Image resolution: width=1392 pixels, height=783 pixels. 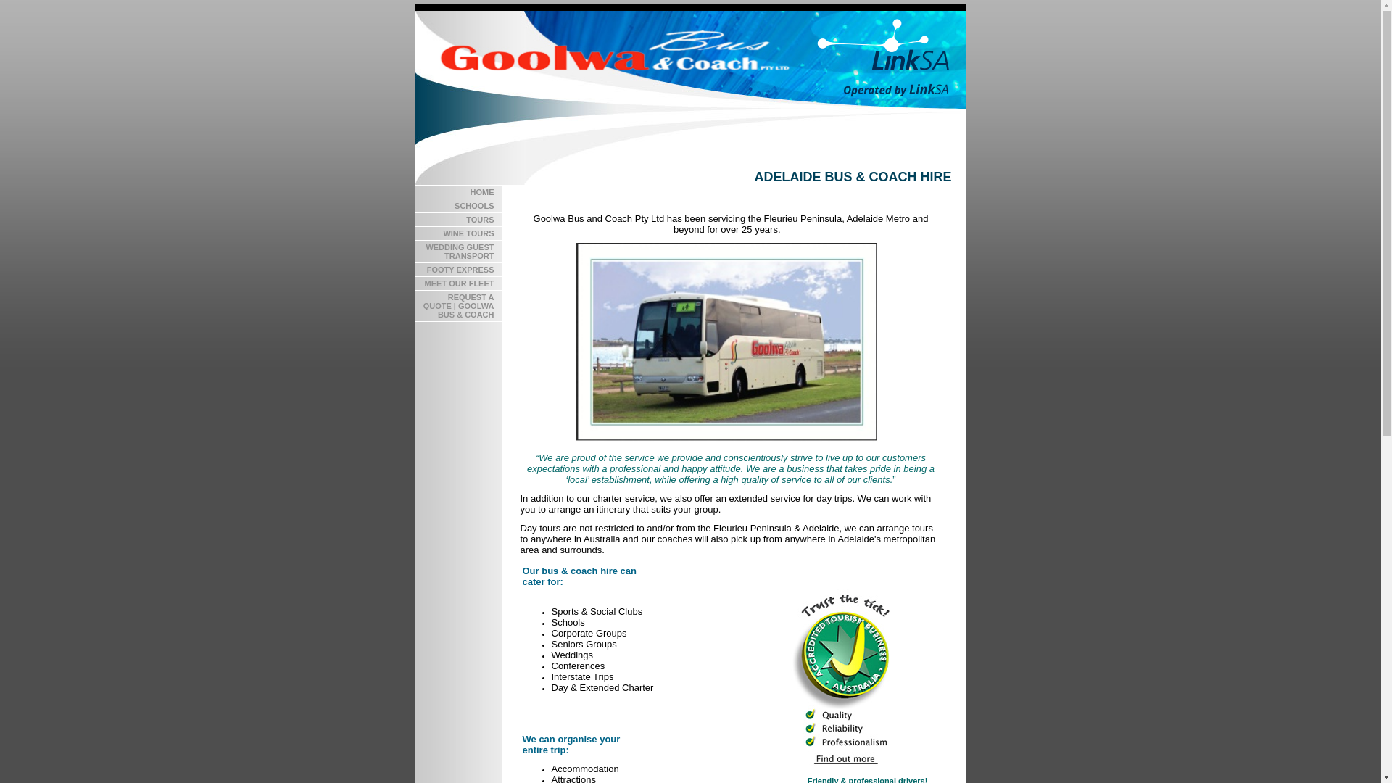 What do you see at coordinates (457, 251) in the screenshot?
I see `'WEDDING GUEST TRANSPORT'` at bounding box center [457, 251].